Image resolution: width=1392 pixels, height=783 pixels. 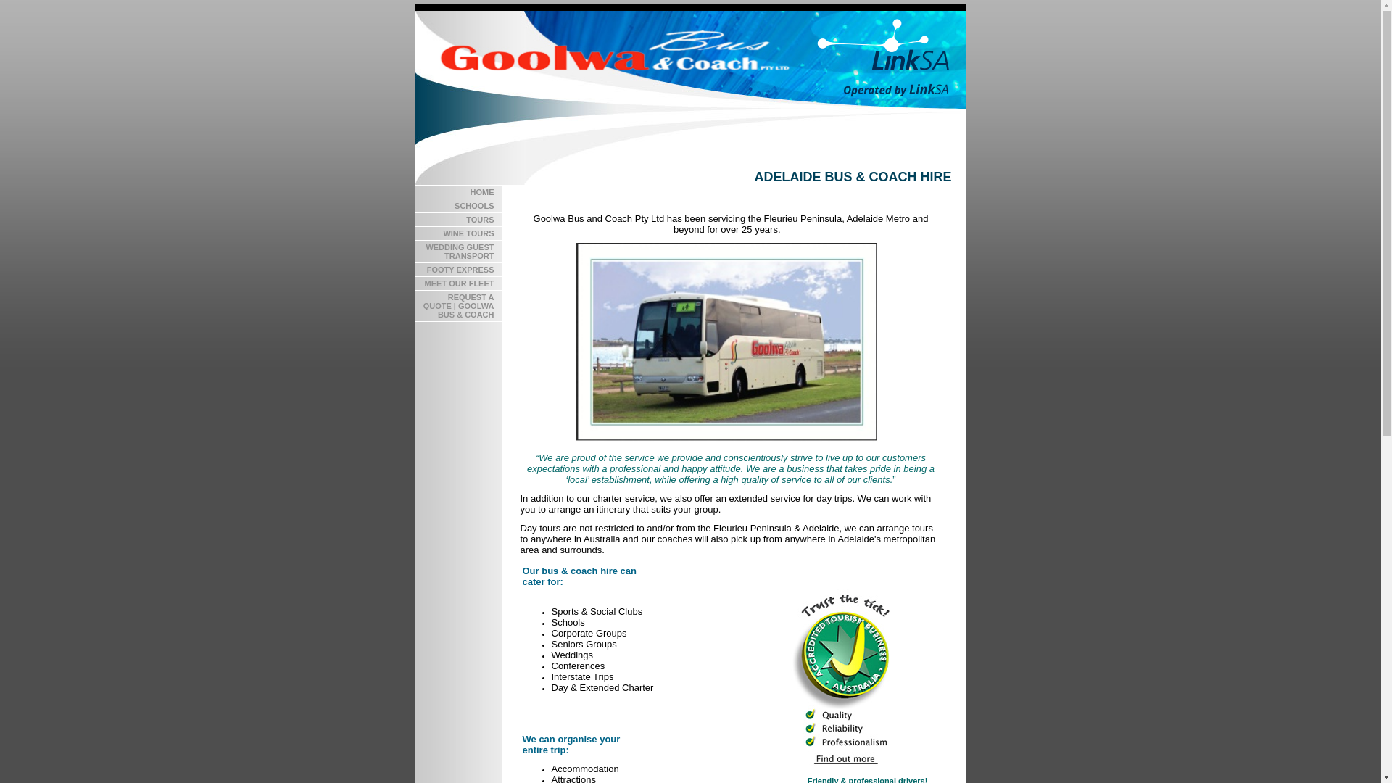 What do you see at coordinates (457, 251) in the screenshot?
I see `'WEDDING GUEST TRANSPORT'` at bounding box center [457, 251].